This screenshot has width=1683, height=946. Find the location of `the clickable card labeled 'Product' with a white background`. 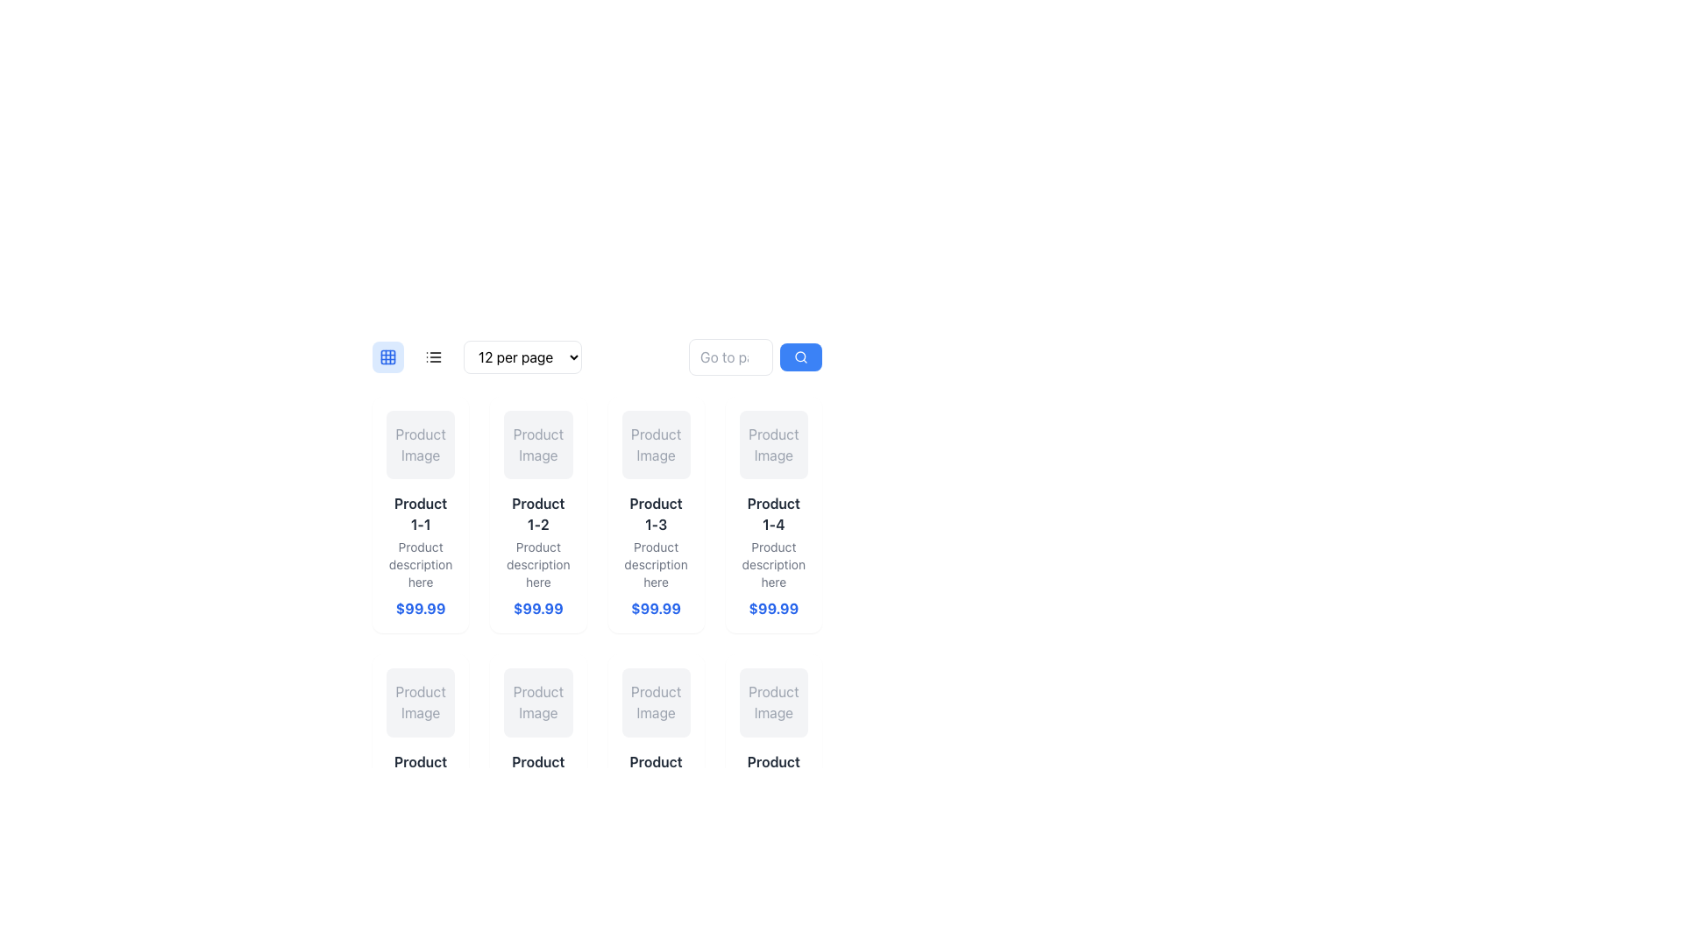

the clickable card labeled 'Product' with a white background is located at coordinates (655, 772).